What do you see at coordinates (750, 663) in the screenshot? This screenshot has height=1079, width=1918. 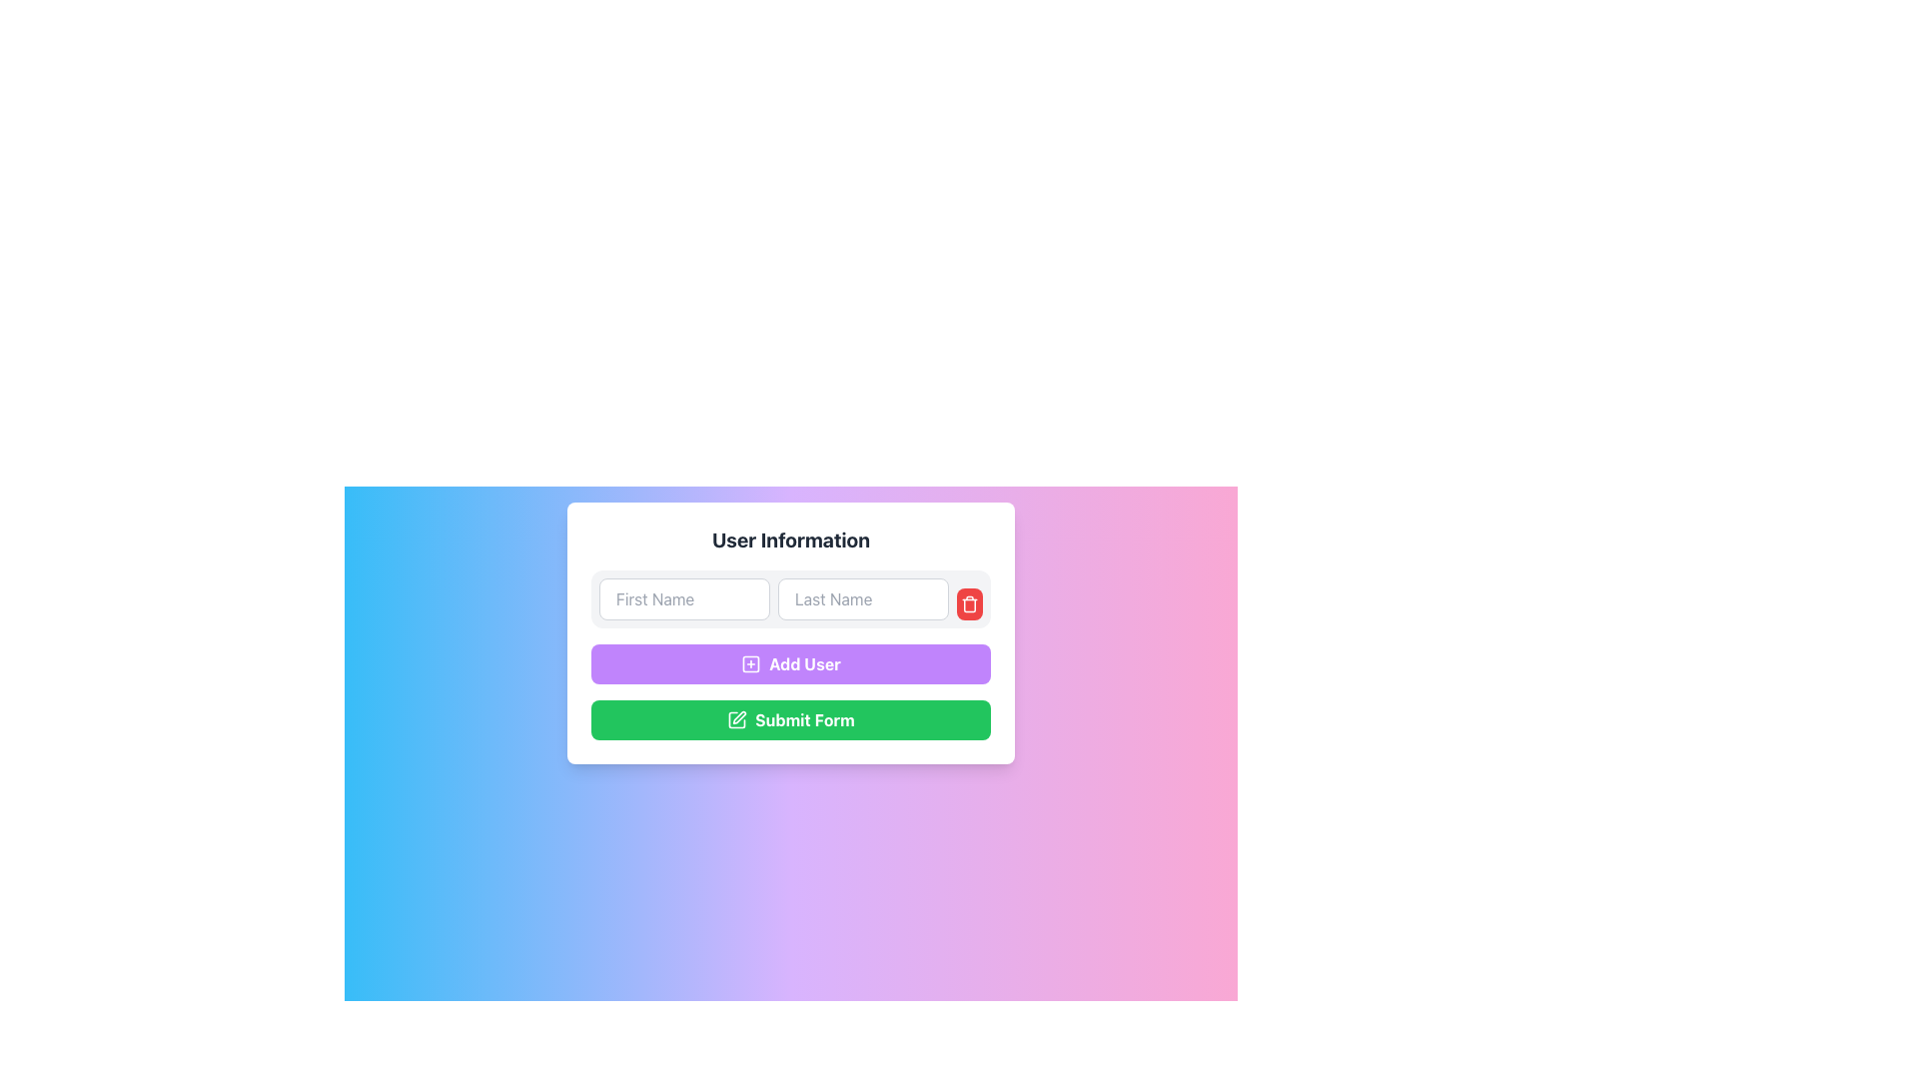 I see `the 'Add User' button by clicking on the '+' icon located in the center of the button` at bounding box center [750, 663].